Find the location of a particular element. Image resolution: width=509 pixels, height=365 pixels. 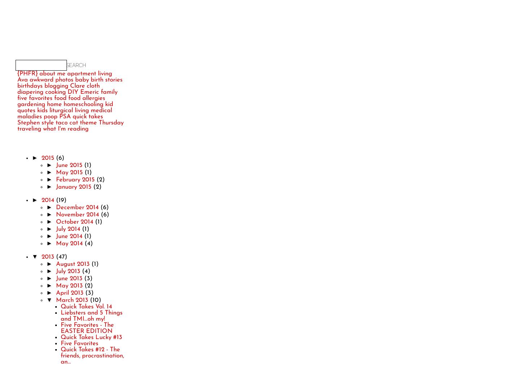

'(19)' is located at coordinates (61, 199).